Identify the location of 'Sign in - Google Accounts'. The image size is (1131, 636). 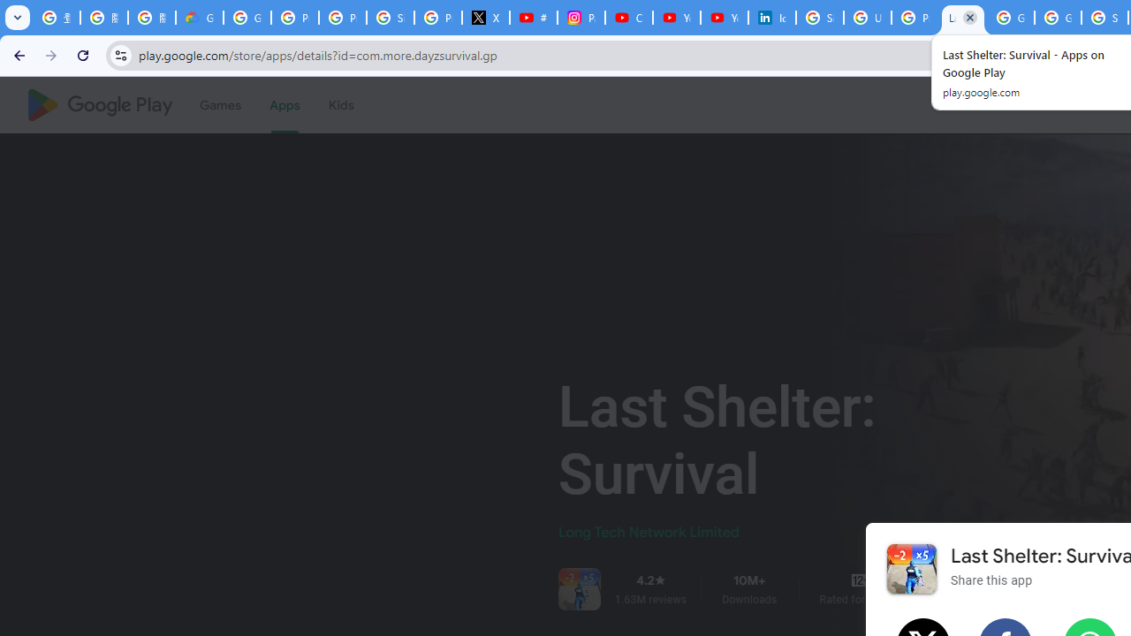
(819, 18).